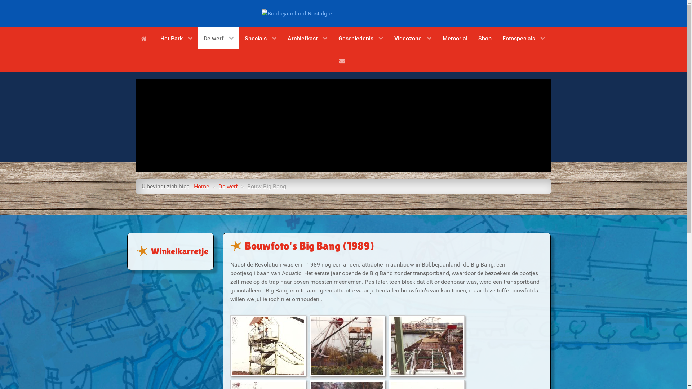  What do you see at coordinates (347, 345) in the screenshot?
I see `'Click to enlarge image bouwbigbang02.jpg'` at bounding box center [347, 345].